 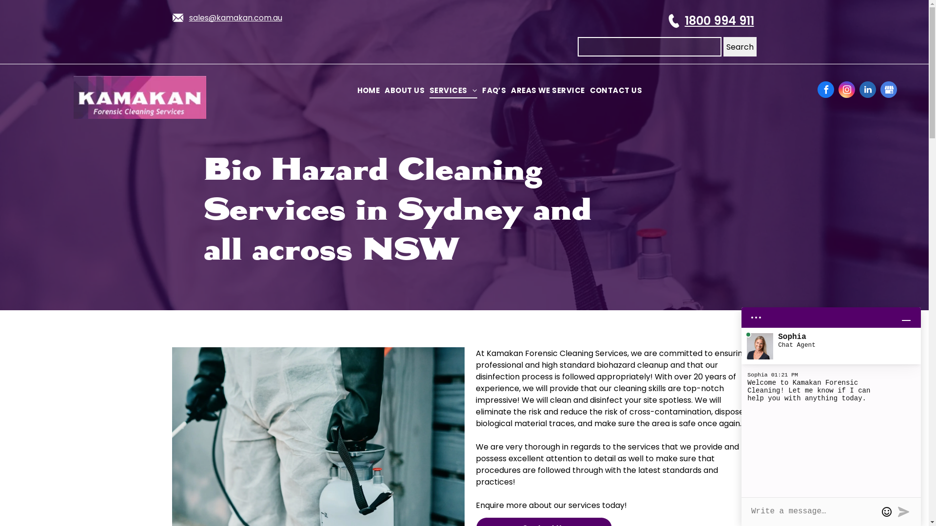 I want to click on 'sales@kamakan.com.au', so click(x=235, y=18).